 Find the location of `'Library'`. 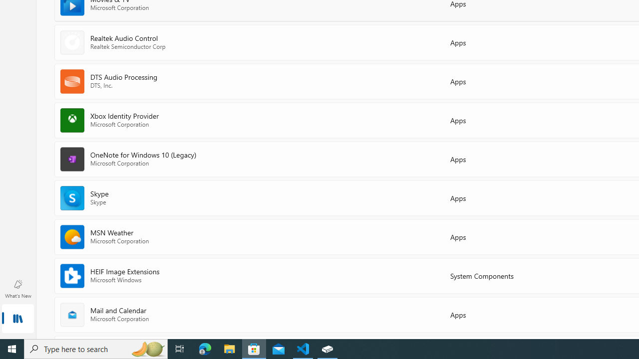

'Library' is located at coordinates (17, 319).